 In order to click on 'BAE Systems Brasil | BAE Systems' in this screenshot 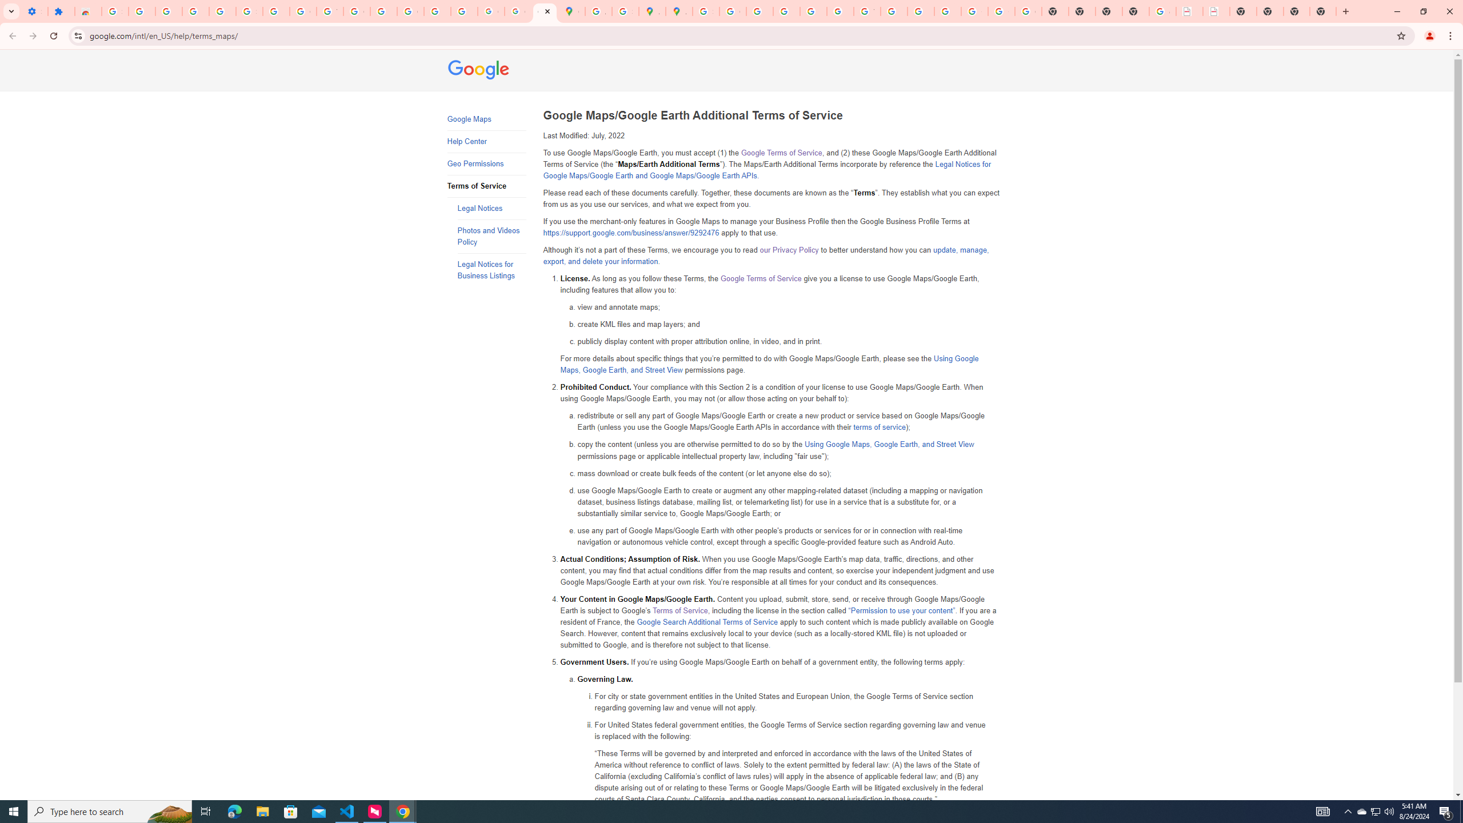, I will do `click(1216, 11)`.